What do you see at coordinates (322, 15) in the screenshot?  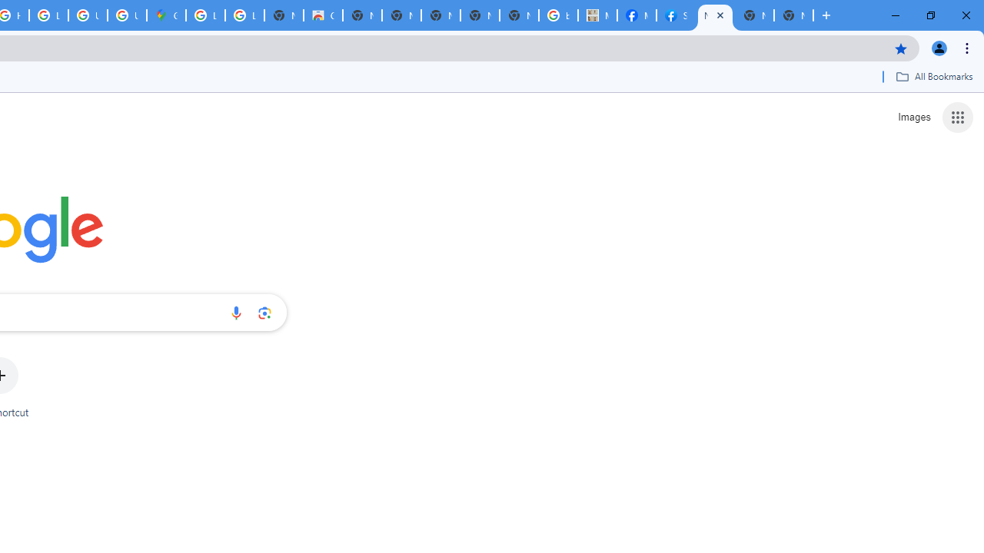 I see `'Chrome Web Store'` at bounding box center [322, 15].